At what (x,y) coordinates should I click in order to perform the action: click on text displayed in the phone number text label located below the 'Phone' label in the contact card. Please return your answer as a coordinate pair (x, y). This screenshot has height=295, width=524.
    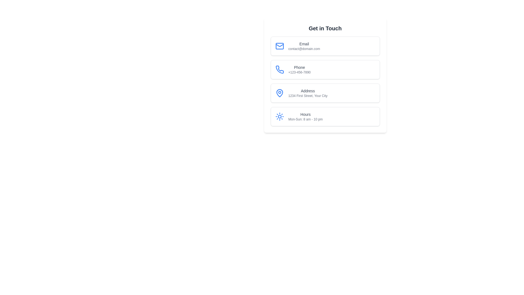
    Looking at the image, I should click on (299, 72).